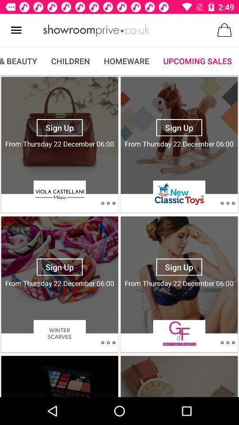 Image resolution: width=239 pixels, height=425 pixels. What do you see at coordinates (179, 267) in the screenshot?
I see `sign up button which is above gf` at bounding box center [179, 267].